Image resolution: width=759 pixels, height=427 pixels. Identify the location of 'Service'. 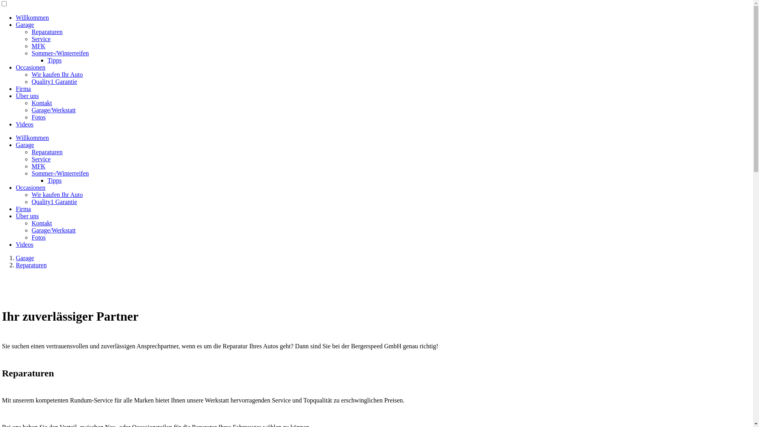
(41, 39).